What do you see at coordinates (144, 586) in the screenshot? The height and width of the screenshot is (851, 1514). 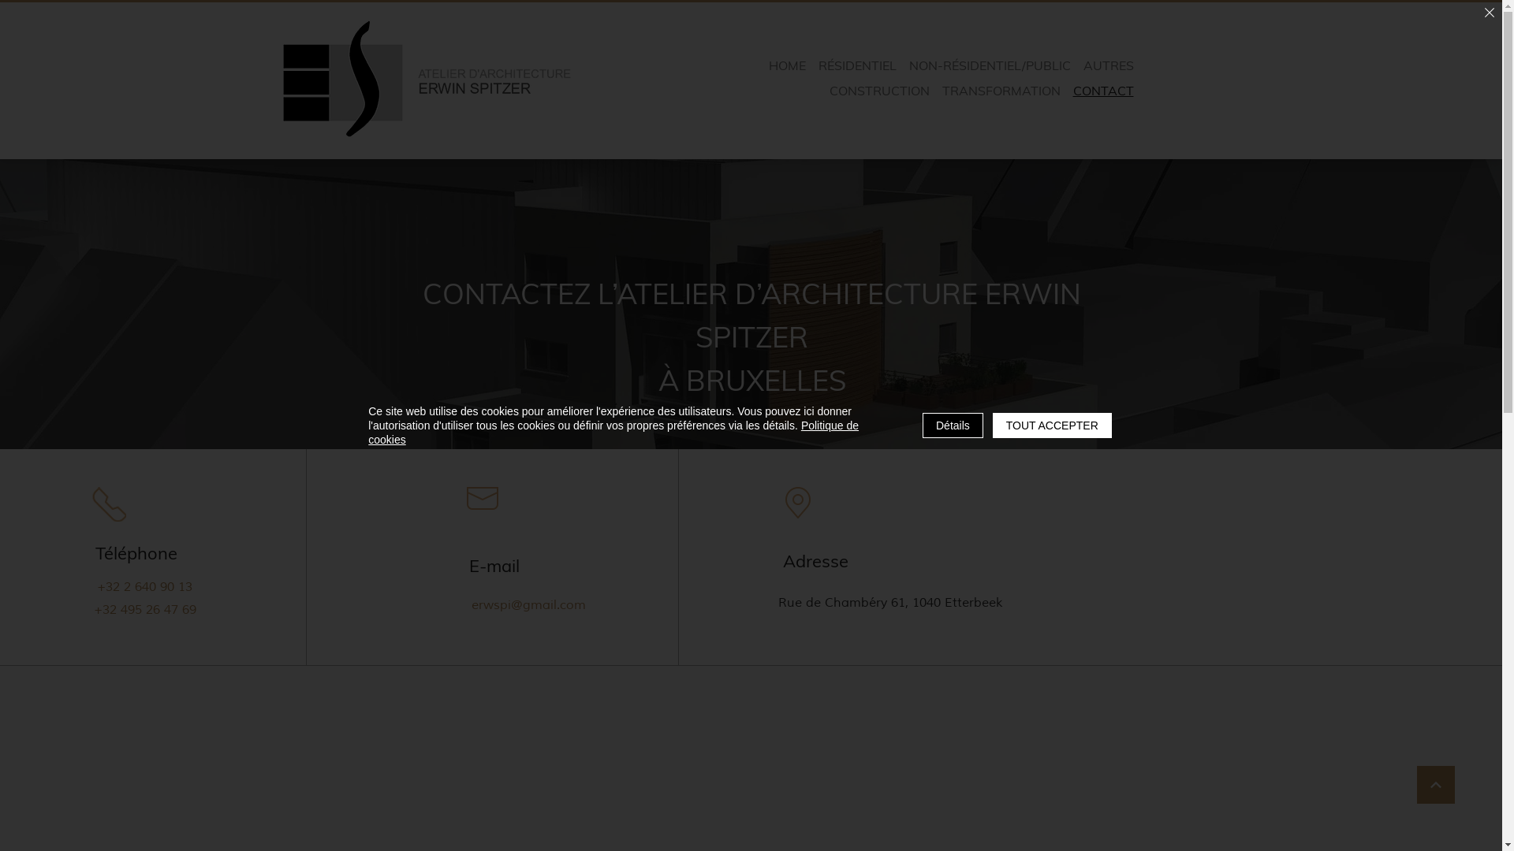 I see `'+32 2 640 90 13'` at bounding box center [144, 586].